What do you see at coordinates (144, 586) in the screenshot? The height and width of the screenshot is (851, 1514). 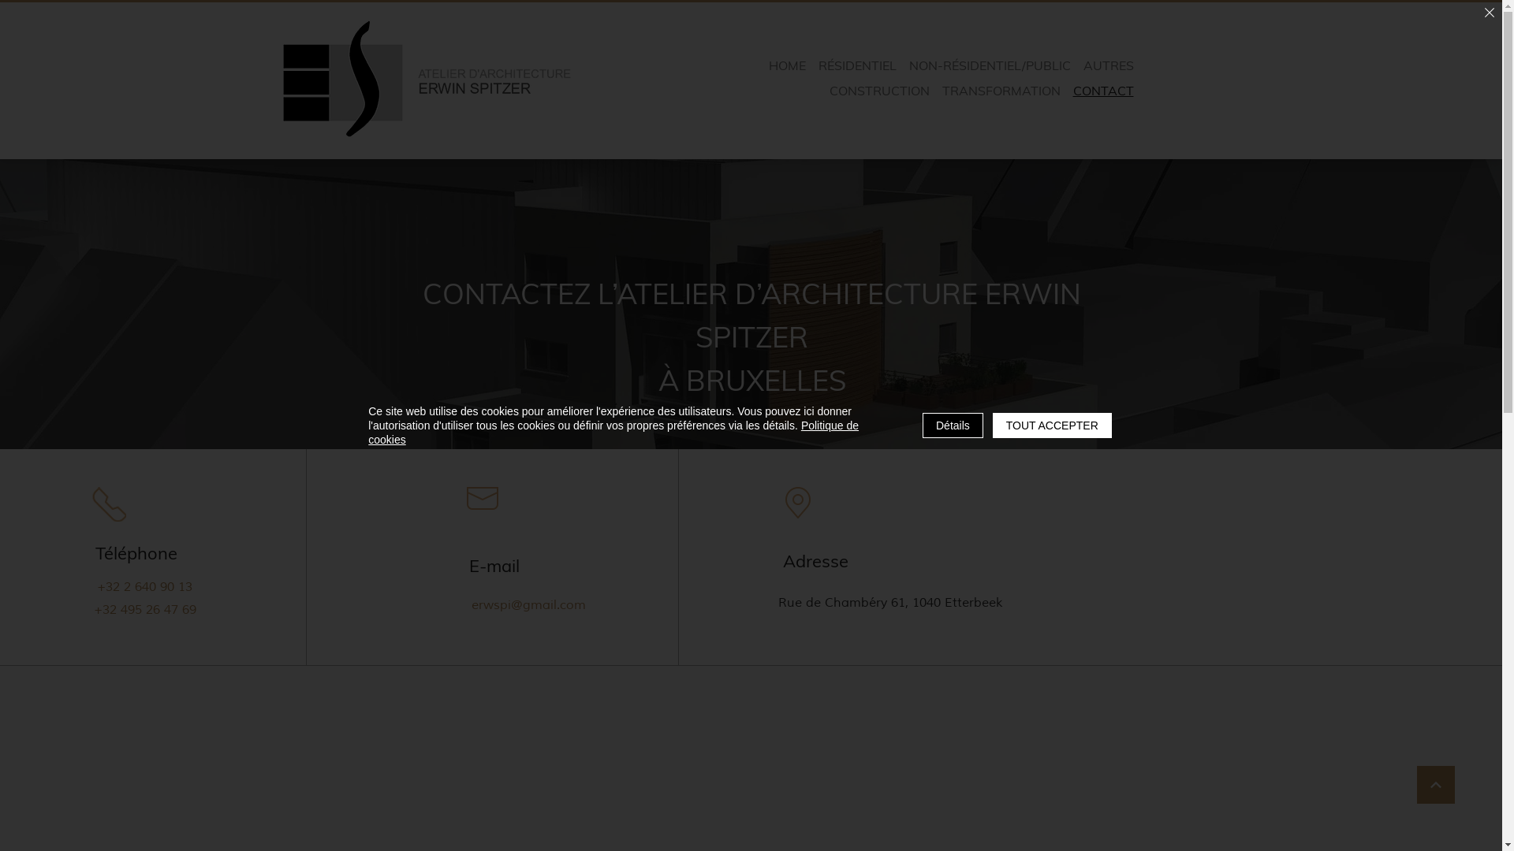 I see `'+32 2 640 90 13'` at bounding box center [144, 586].